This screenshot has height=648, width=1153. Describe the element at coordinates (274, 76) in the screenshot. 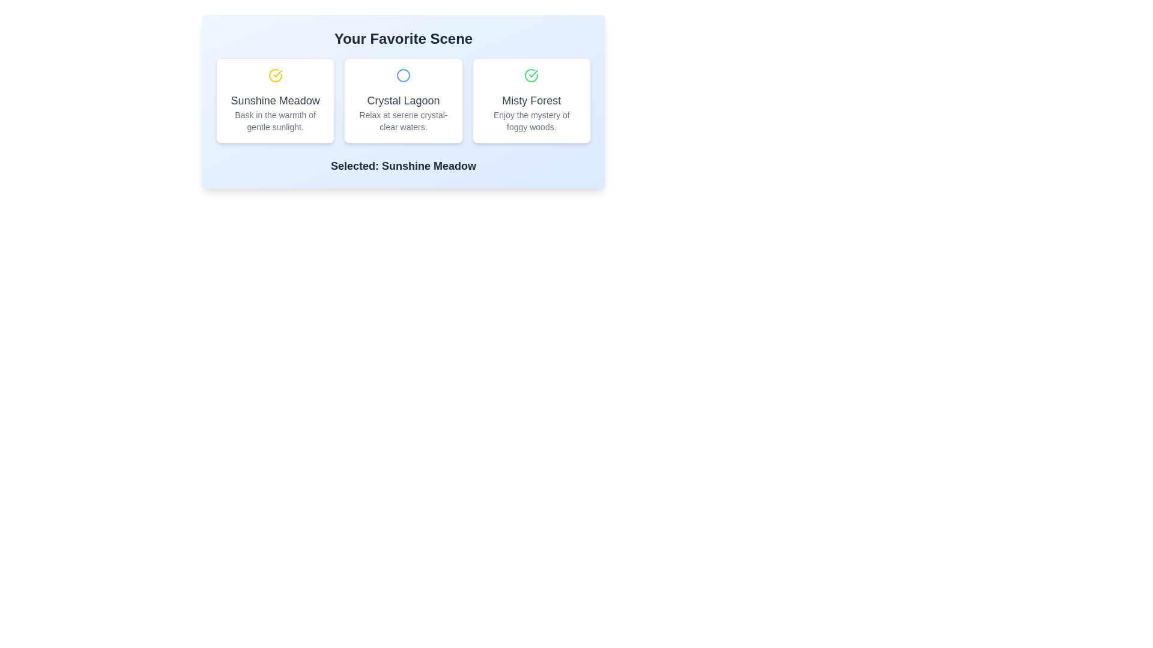

I see `the visual indicator icon that marks the associated card labeled 'Sunshine Meadow' as selected, located at the top portion of the card` at that location.